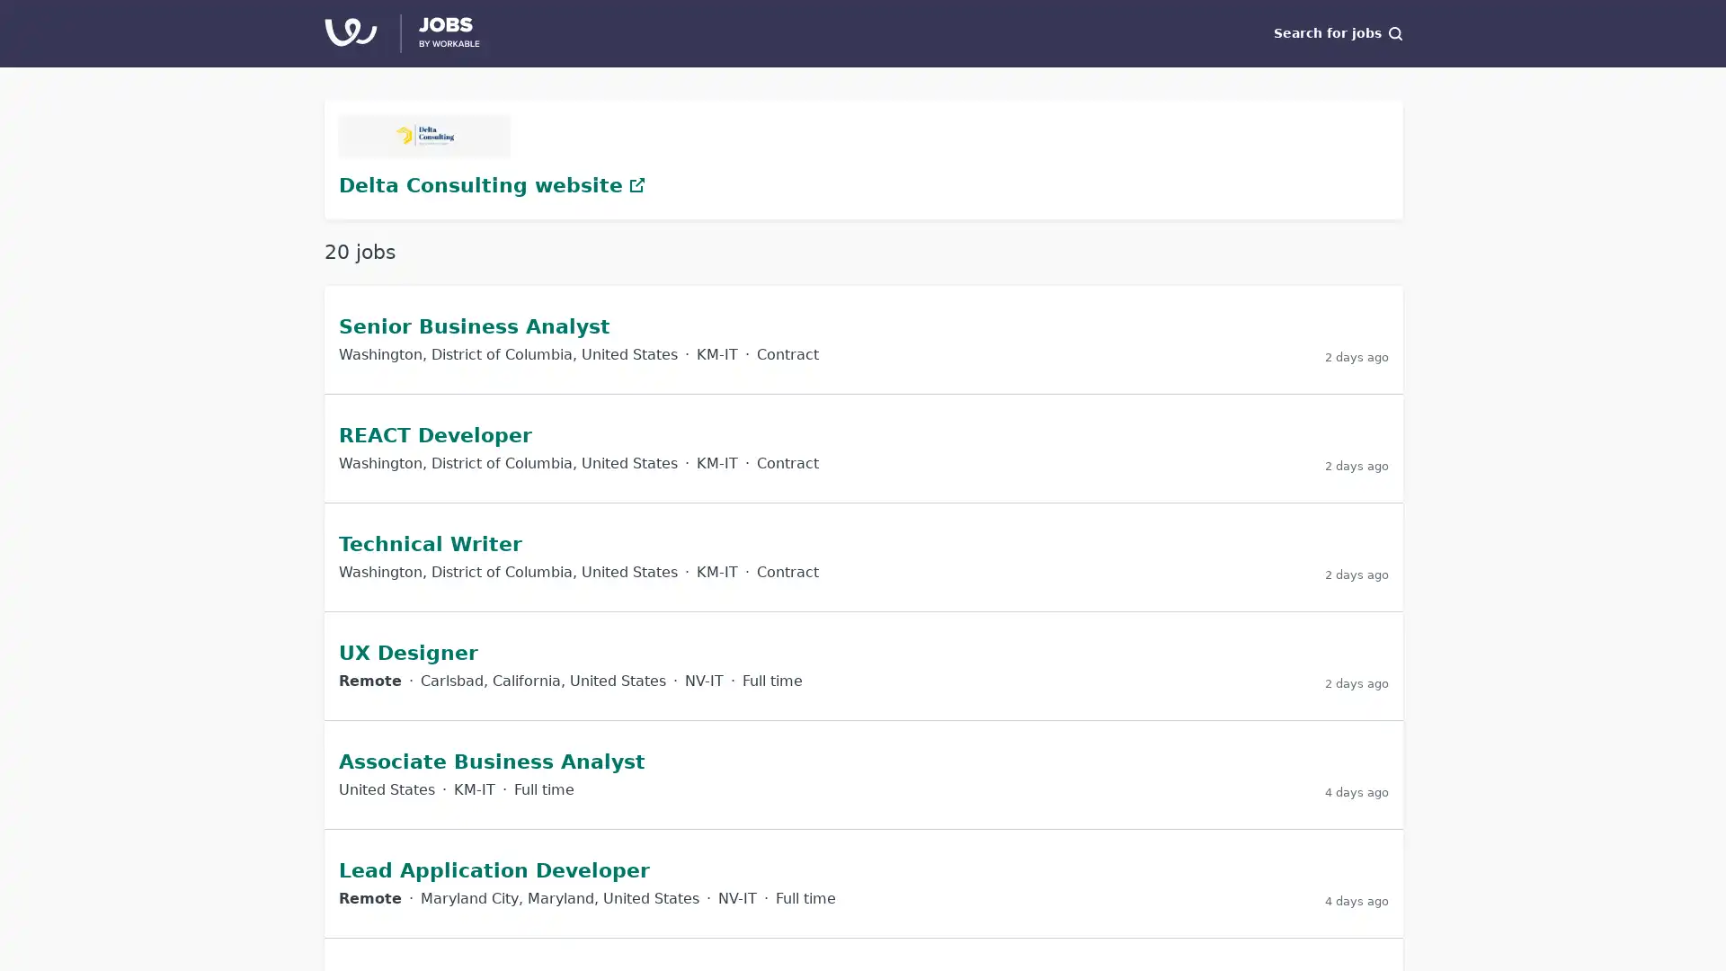 The height and width of the screenshot is (971, 1726). I want to click on Technical Writer, so click(430, 542).